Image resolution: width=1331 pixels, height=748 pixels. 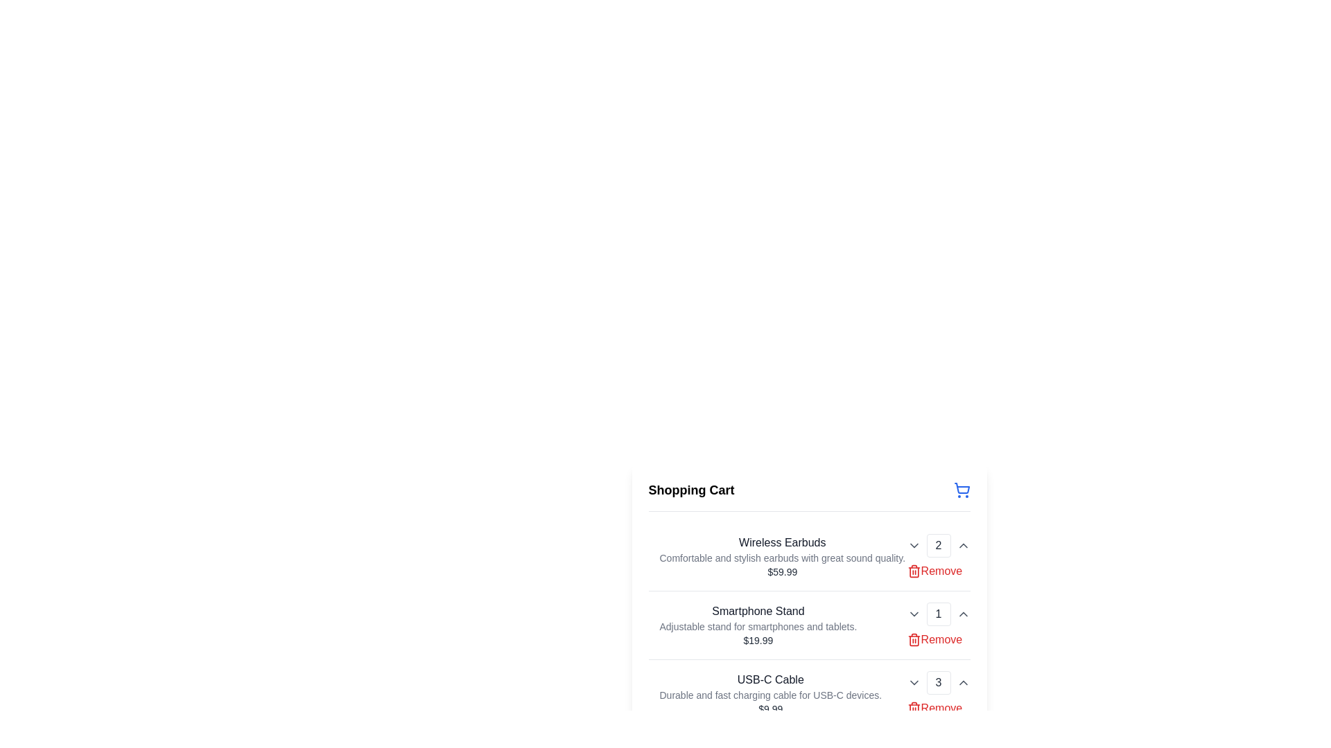 What do you see at coordinates (938, 555) in the screenshot?
I see `the decrement button on the Quantity Selector (Spinner) for the 'Wireless Earbuds' item in the shopping cart, located above the red 'Remove' button and near the price '$59.99'` at bounding box center [938, 555].